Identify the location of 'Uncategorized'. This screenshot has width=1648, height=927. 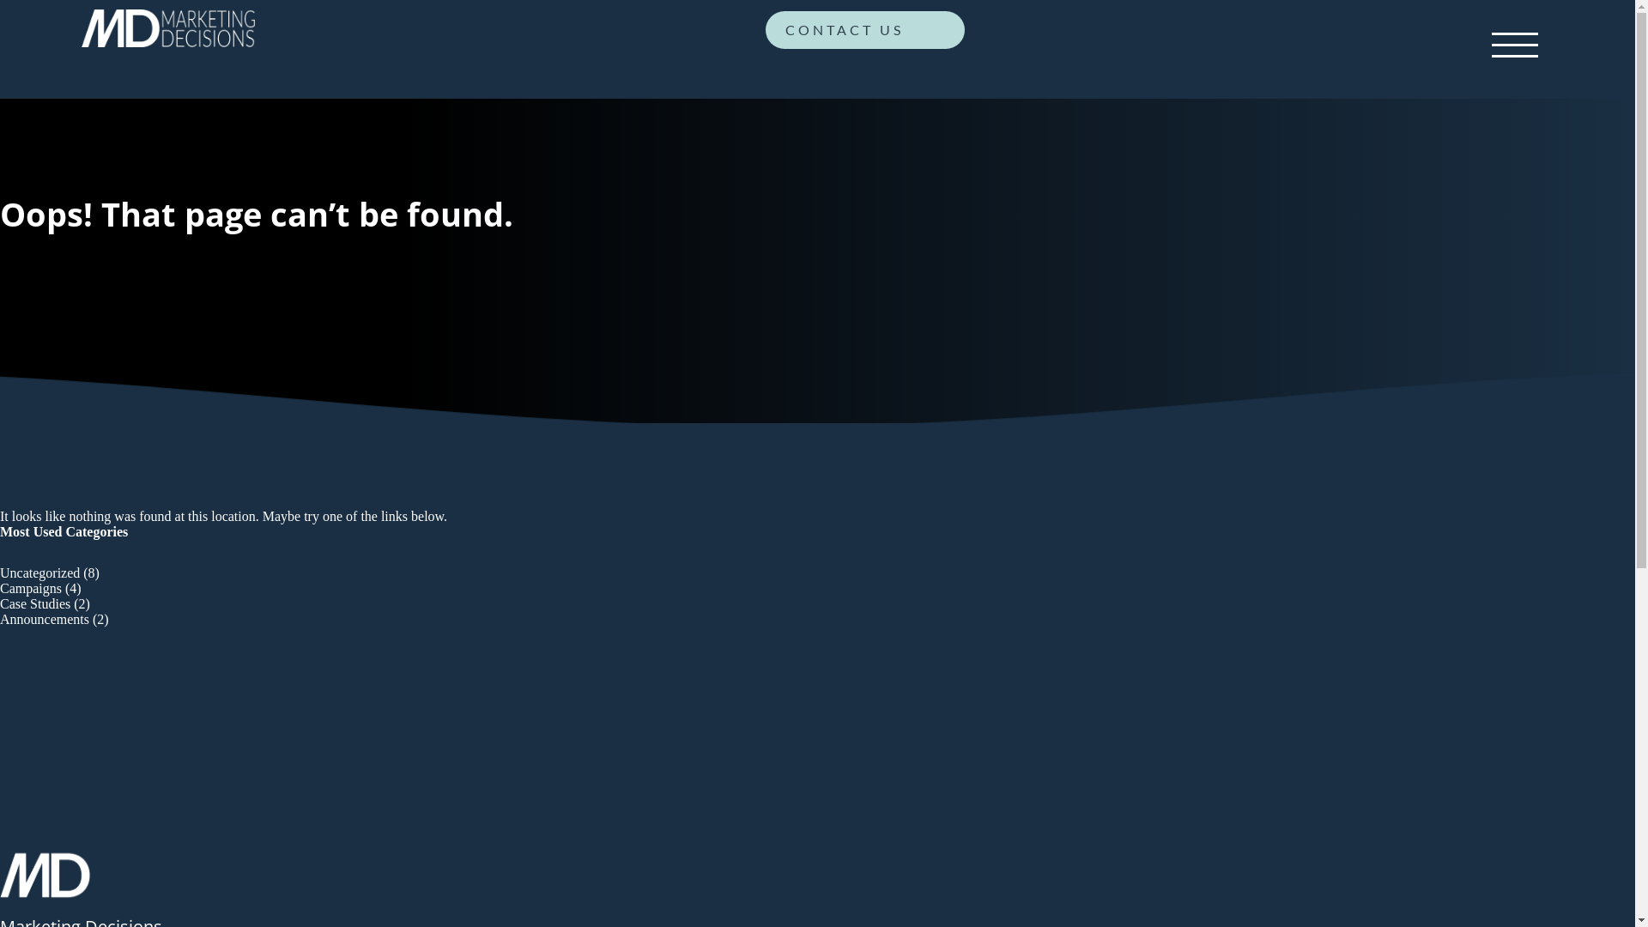
(39, 573).